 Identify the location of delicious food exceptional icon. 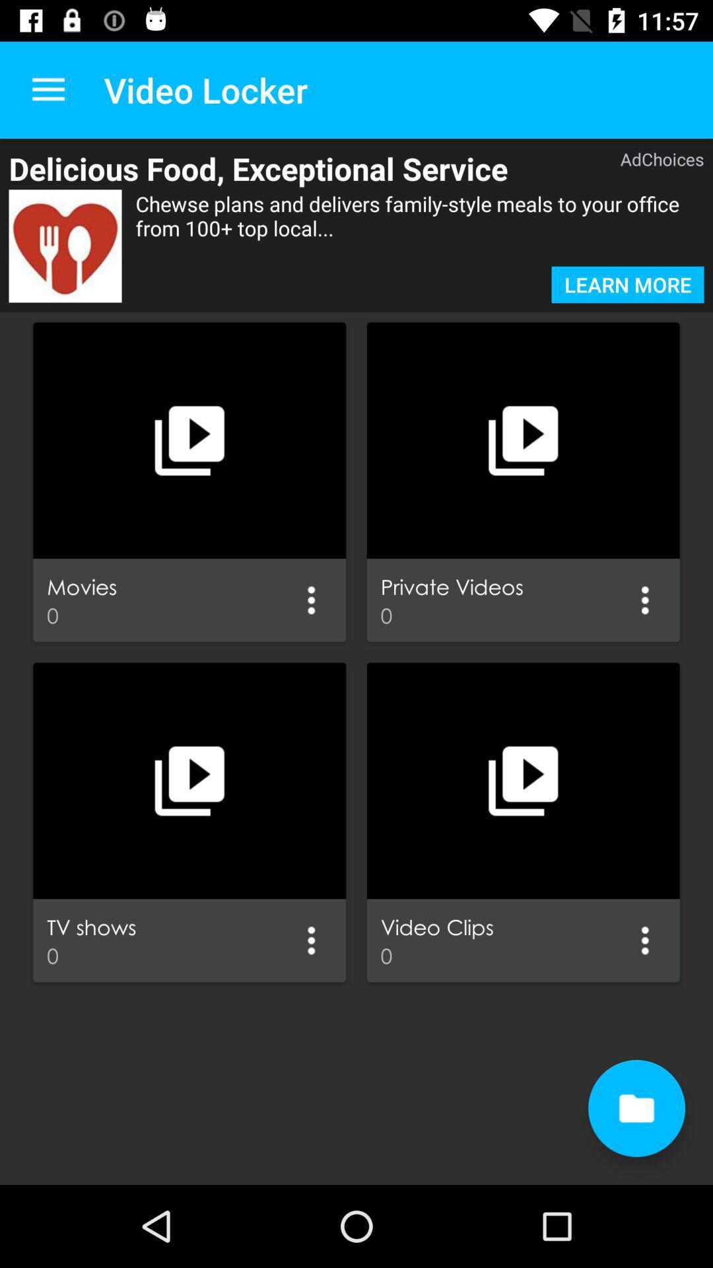
(293, 168).